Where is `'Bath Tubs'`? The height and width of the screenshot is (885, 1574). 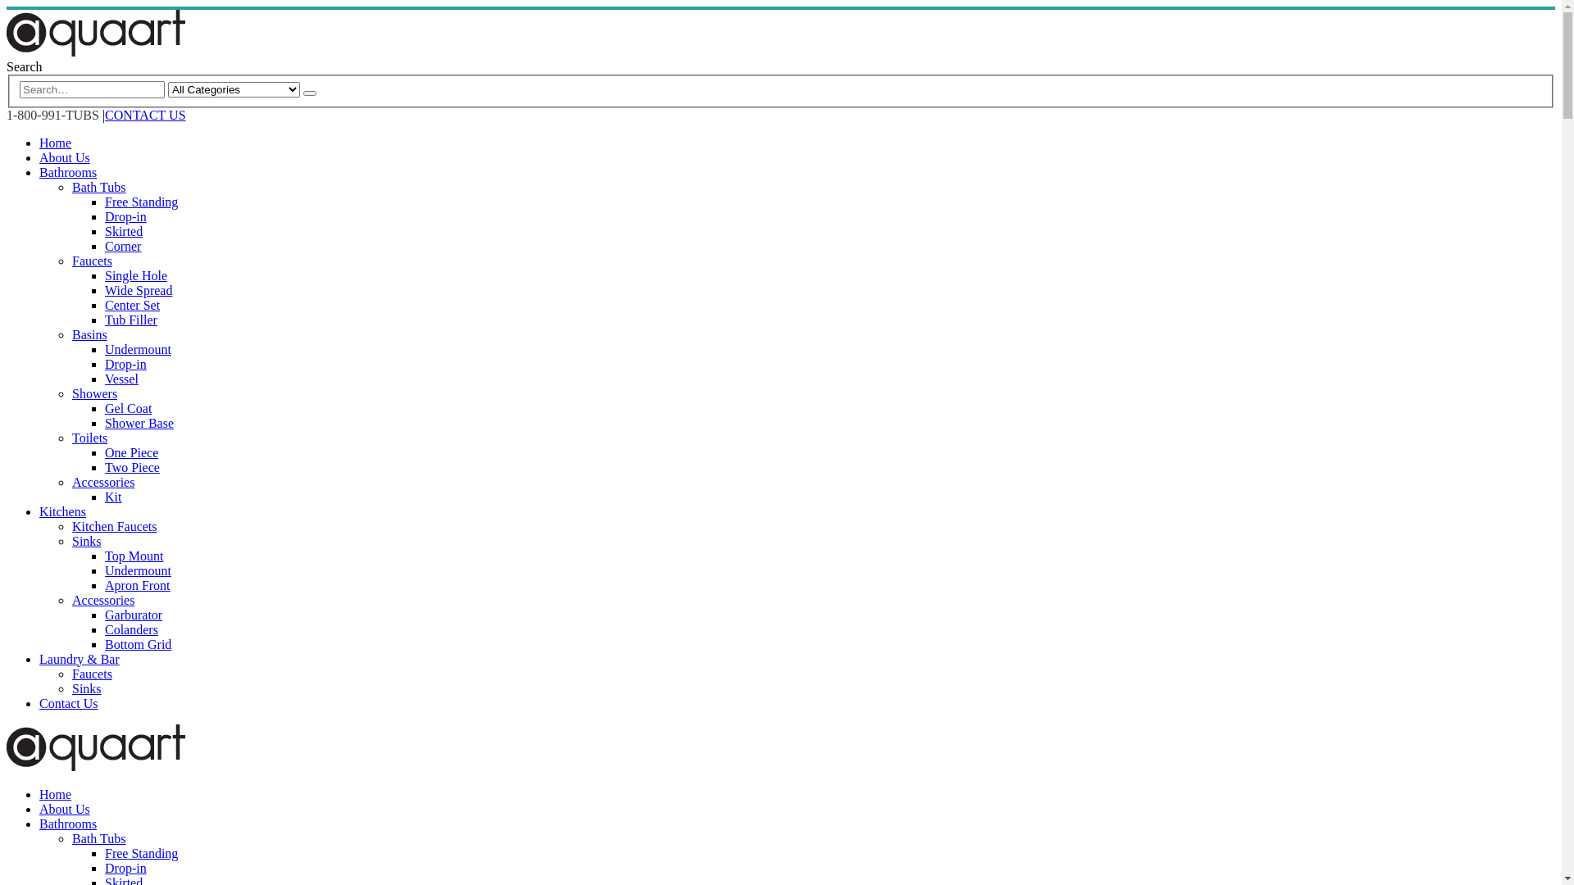
'Bath Tubs' is located at coordinates (98, 186).